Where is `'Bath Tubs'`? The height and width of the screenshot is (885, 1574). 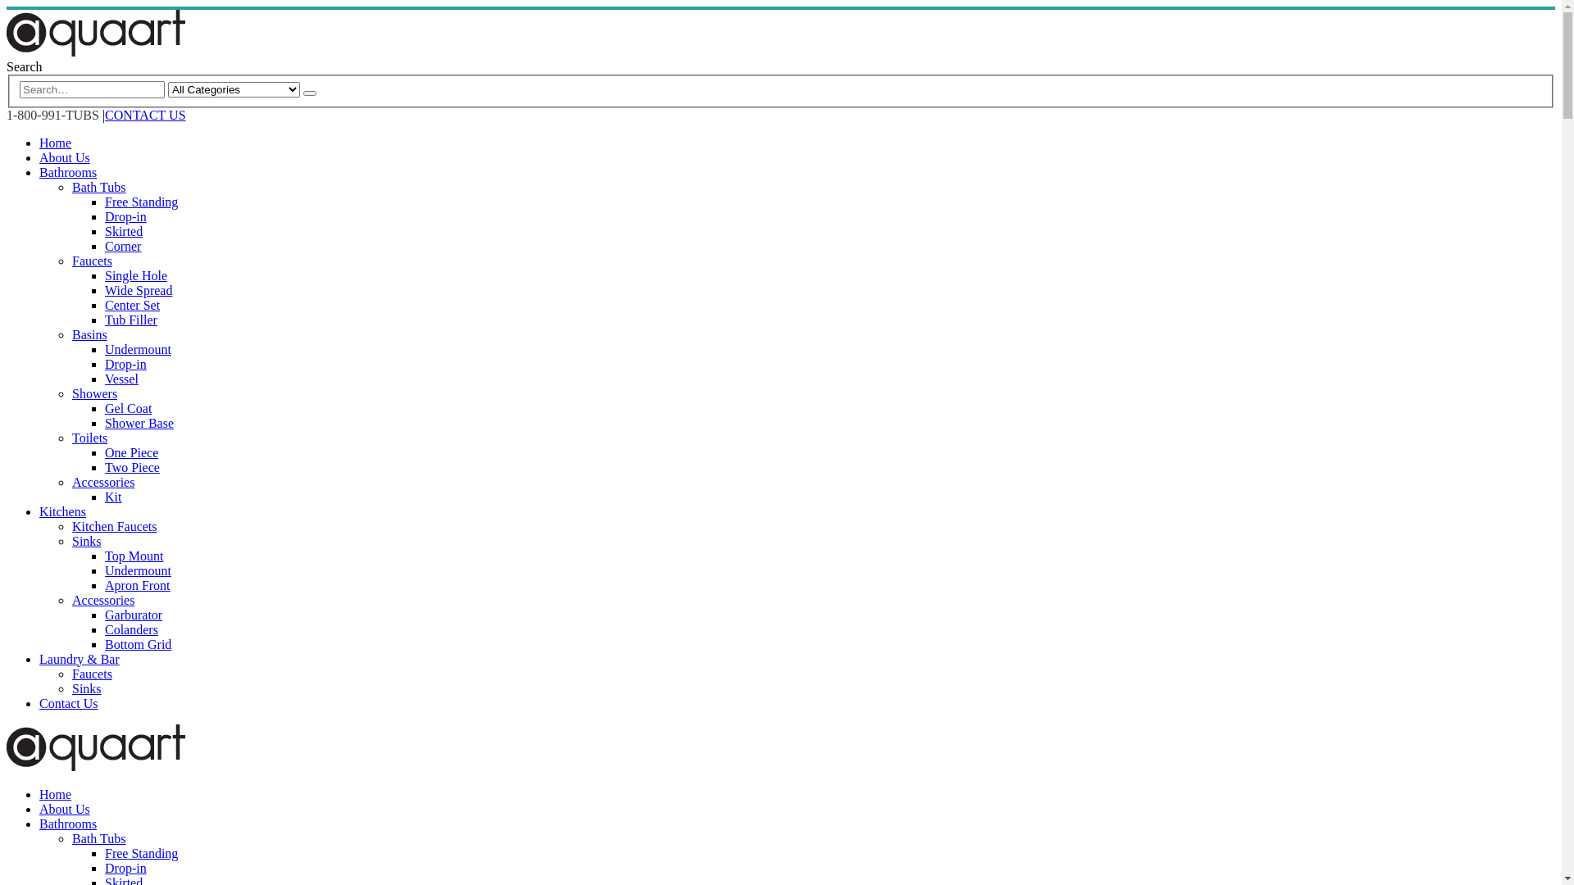
'Bath Tubs' is located at coordinates (98, 186).